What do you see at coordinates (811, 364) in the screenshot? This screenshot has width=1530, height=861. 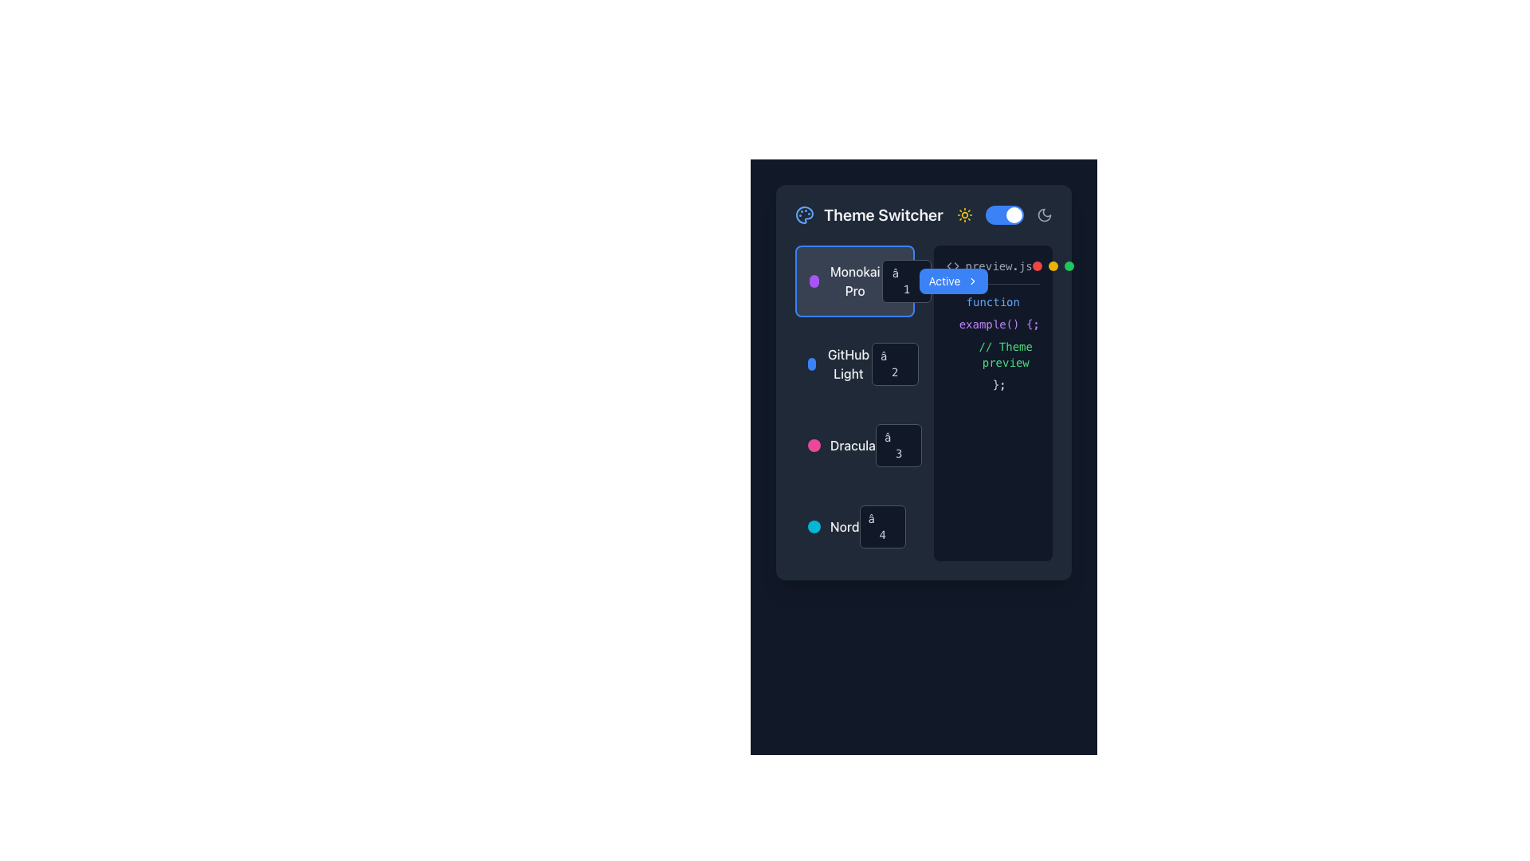 I see `the visual indicator located to the left of the text 'GitHub Light' in the theme selector interface, which signifies the current selection or availability of the theme` at bounding box center [811, 364].